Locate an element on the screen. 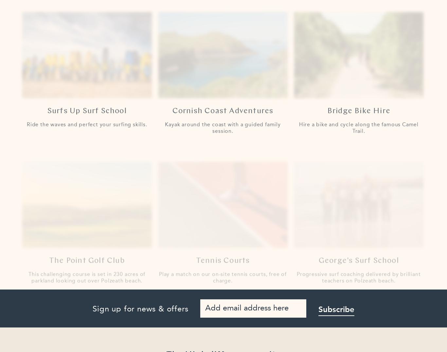  'Bridge Bike Hire' is located at coordinates (358, 105).